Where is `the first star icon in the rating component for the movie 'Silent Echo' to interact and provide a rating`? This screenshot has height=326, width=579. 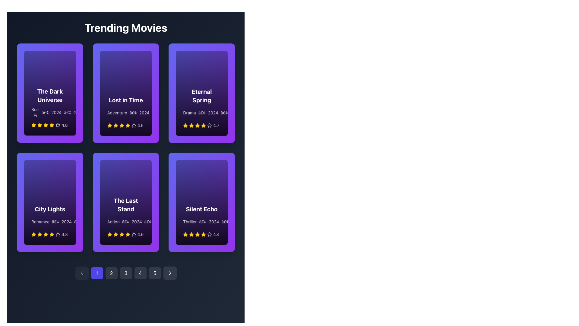 the first star icon in the rating component for the movie 'Silent Echo' to interact and provide a rating is located at coordinates (185, 234).